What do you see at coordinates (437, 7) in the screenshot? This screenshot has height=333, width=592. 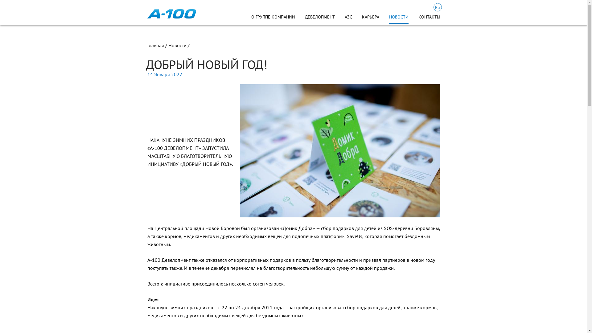 I see `'Ru'` at bounding box center [437, 7].